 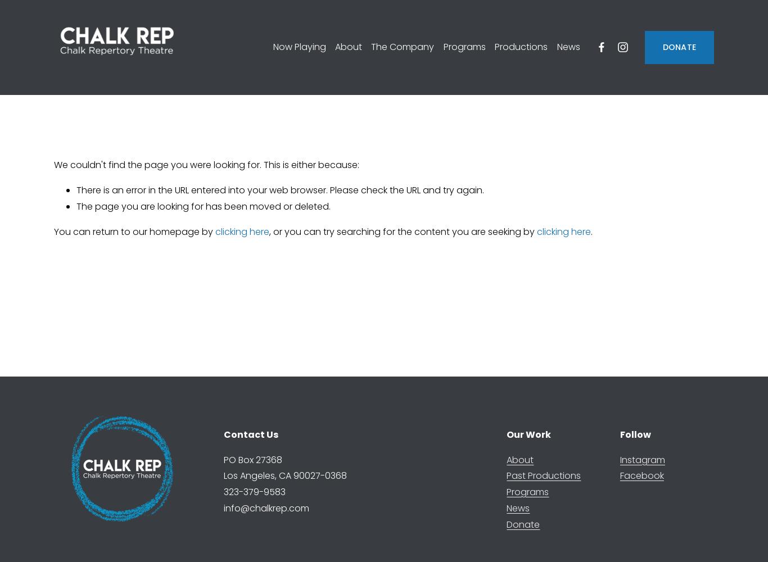 I want to click on 'info@chalkrep.com', so click(x=266, y=507).